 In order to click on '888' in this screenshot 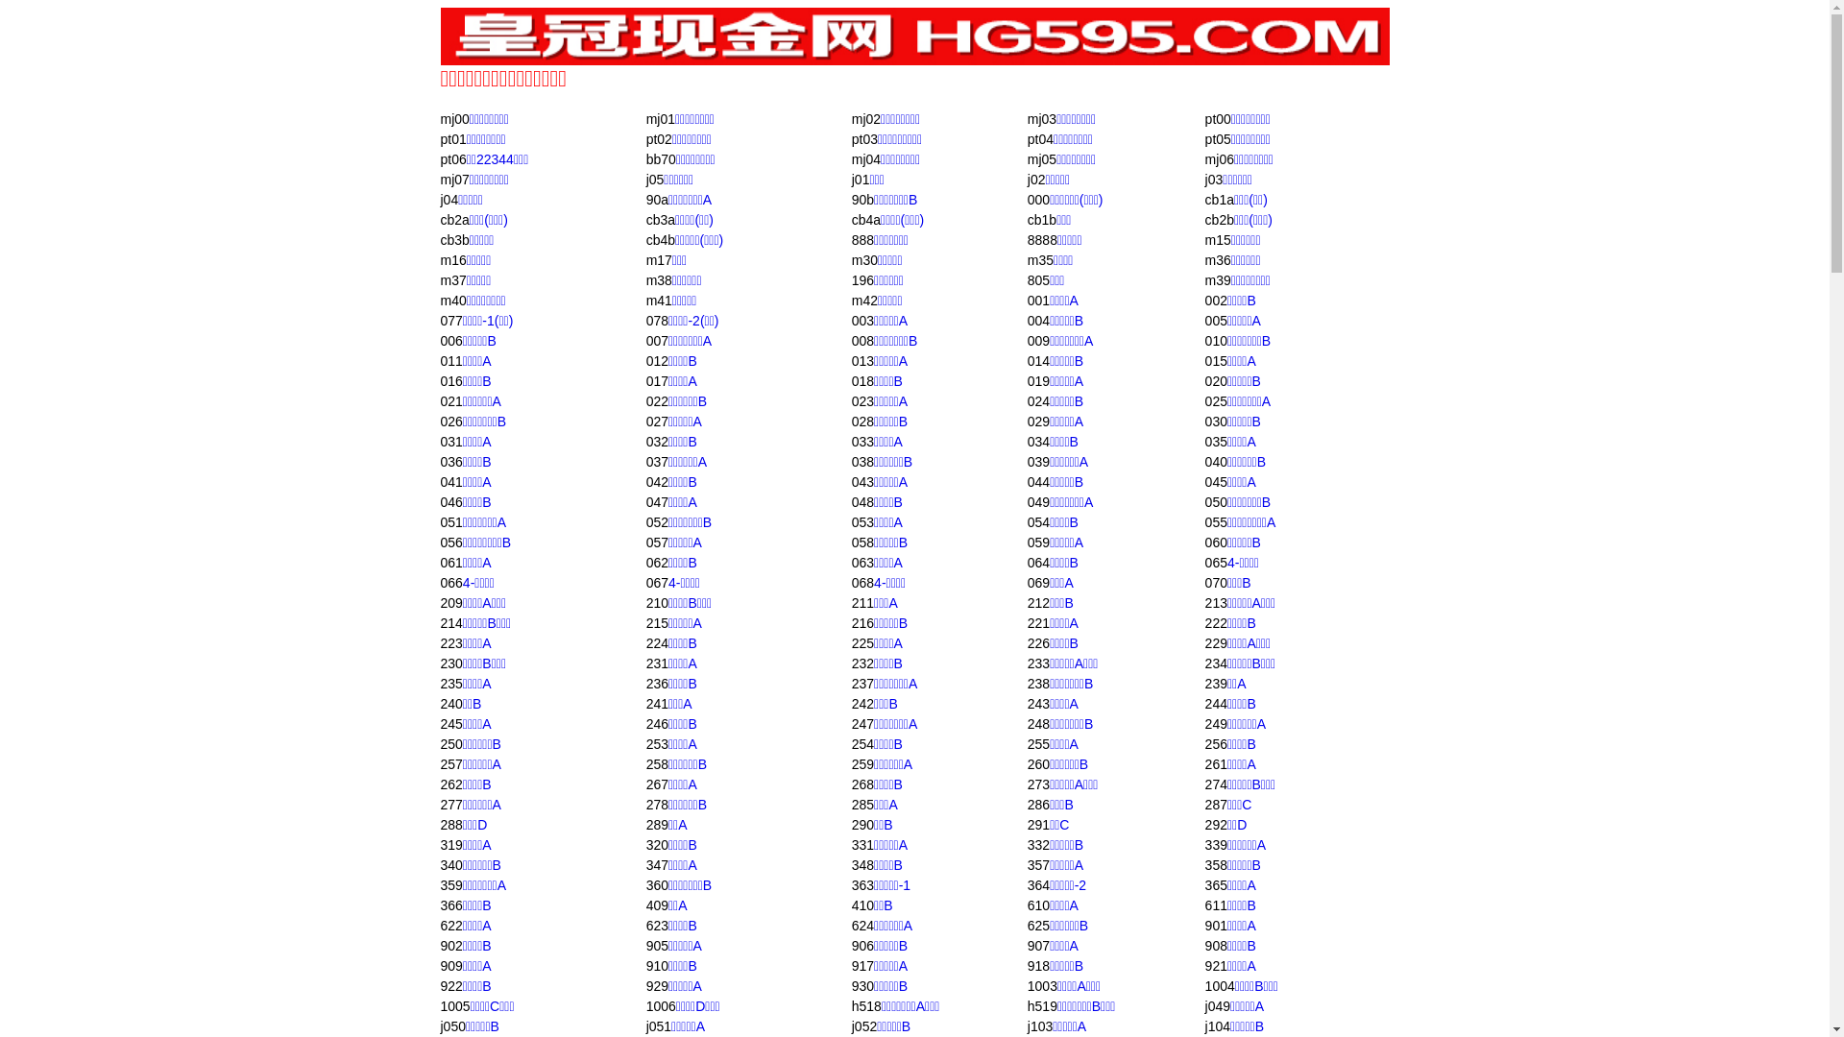, I will do `click(861, 239)`.